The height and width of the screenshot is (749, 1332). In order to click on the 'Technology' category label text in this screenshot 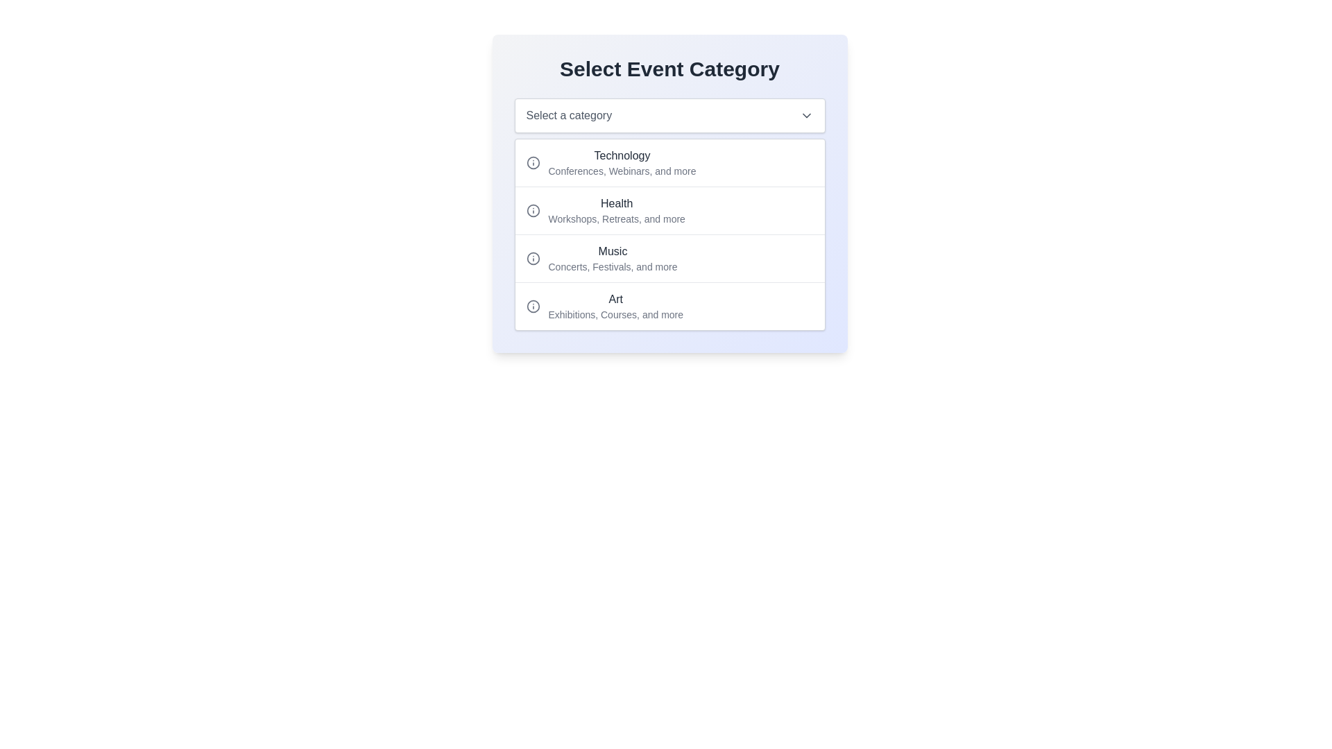, I will do `click(622, 162)`.